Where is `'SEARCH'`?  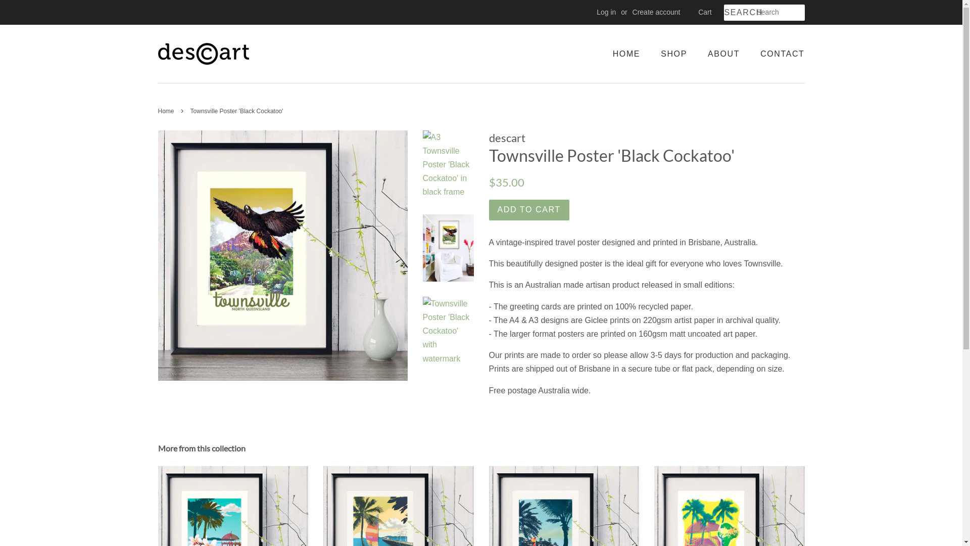 'SEARCH' is located at coordinates (722, 13).